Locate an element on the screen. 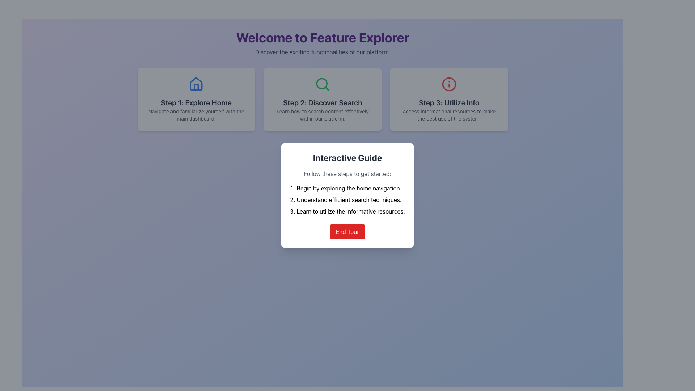  introductory text label located directly below the header 'Welcome to Feature Explorer' in the upper section of the interface is located at coordinates (322, 51).